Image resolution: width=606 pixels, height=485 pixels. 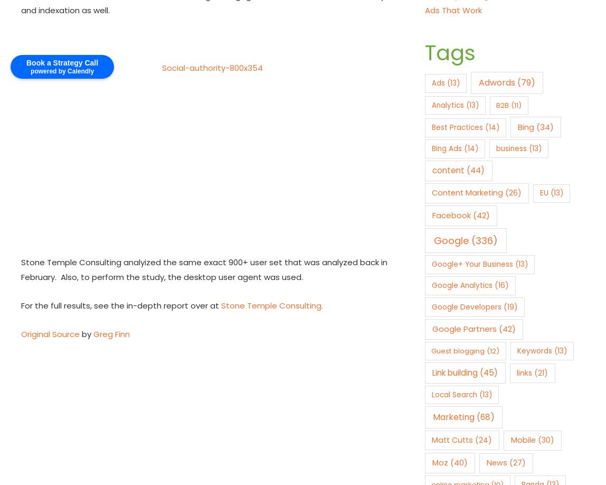 I want to click on '(12)', so click(x=491, y=350).